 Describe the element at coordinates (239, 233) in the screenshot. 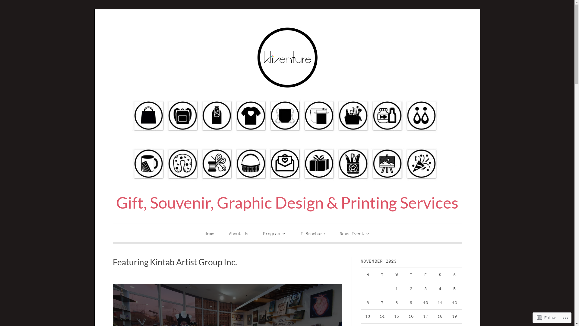

I see `'About Us'` at that location.